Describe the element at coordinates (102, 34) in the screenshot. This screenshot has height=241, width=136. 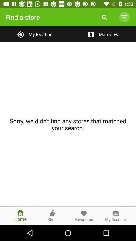
I see `the item to the right of the my location item` at that location.